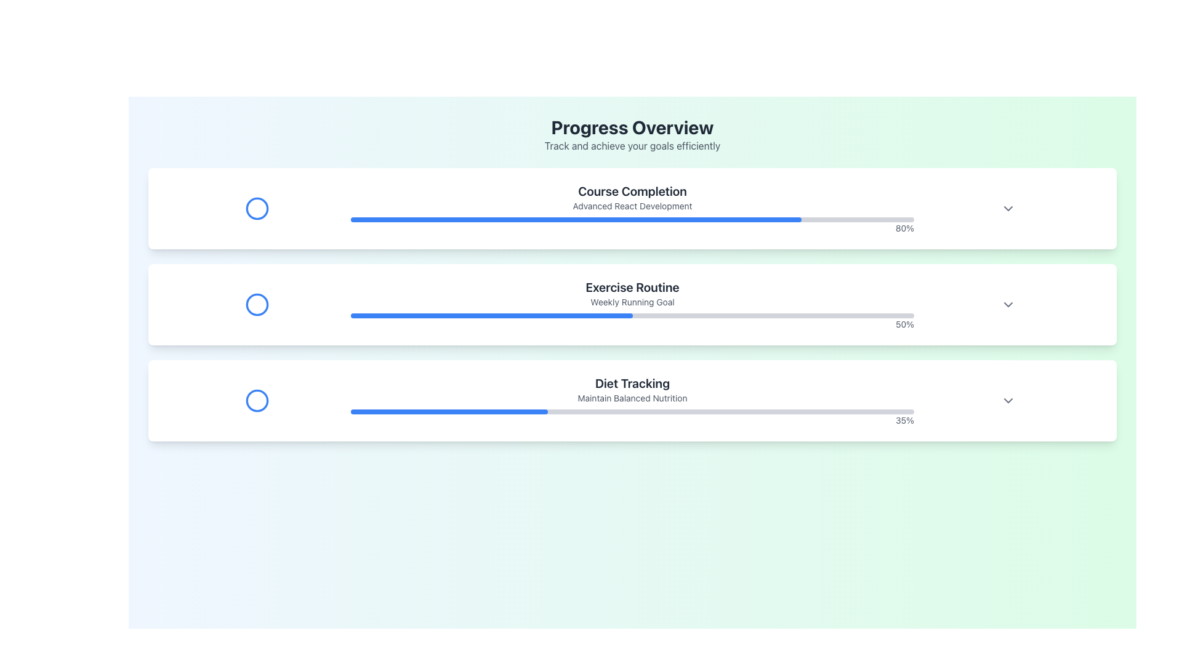  Describe the element at coordinates (632, 324) in the screenshot. I see `the right-aligned text label displaying '50%' within the progress bar in the 'Exercise Routine' section` at that location.